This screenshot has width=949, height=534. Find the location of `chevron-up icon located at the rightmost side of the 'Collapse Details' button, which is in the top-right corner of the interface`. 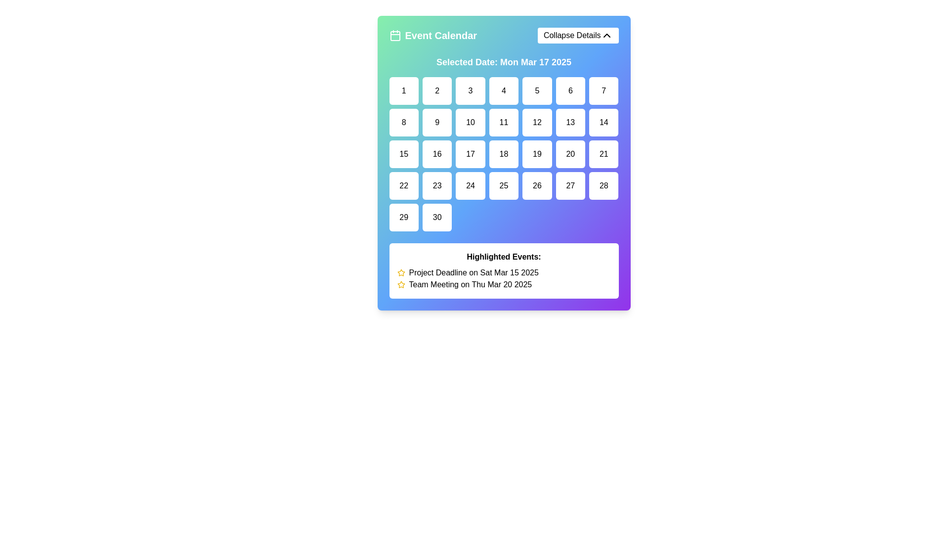

chevron-up icon located at the rightmost side of the 'Collapse Details' button, which is in the top-right corner of the interface is located at coordinates (606, 35).